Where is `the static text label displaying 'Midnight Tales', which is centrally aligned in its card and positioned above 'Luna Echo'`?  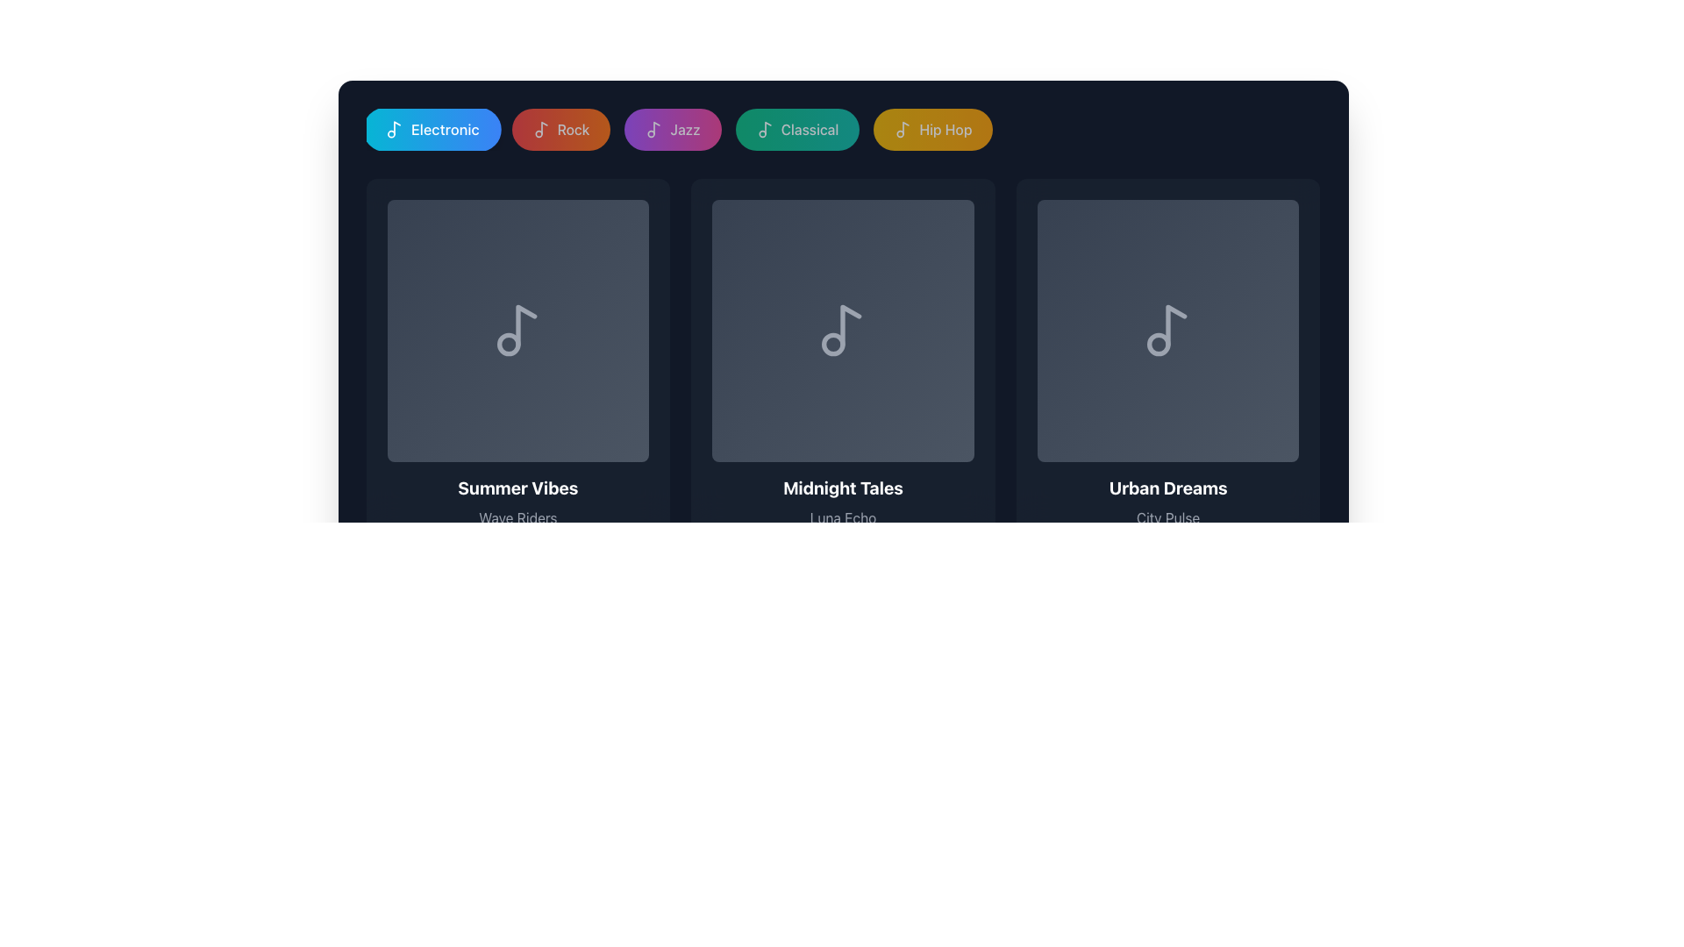 the static text label displaying 'Midnight Tales', which is centrally aligned in its card and positioned above 'Luna Echo' is located at coordinates (843, 488).